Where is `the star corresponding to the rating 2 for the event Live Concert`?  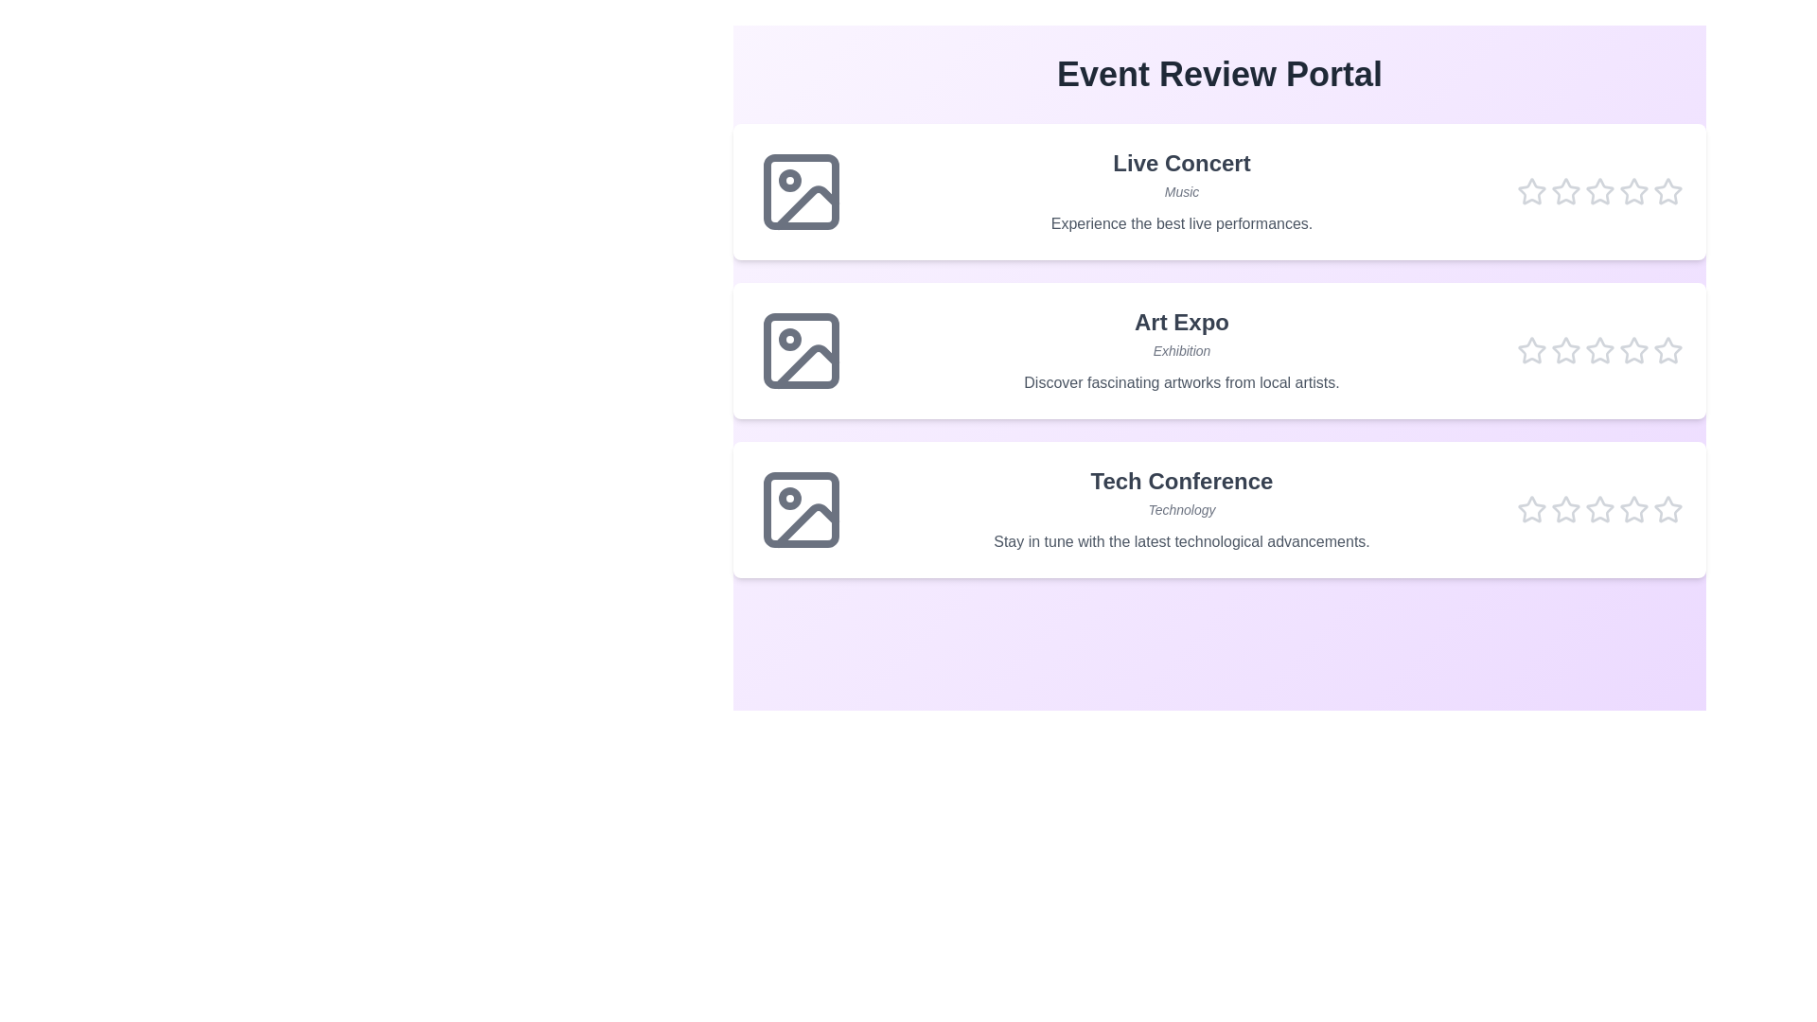
the star corresponding to the rating 2 for the event Live Concert is located at coordinates (1566, 192).